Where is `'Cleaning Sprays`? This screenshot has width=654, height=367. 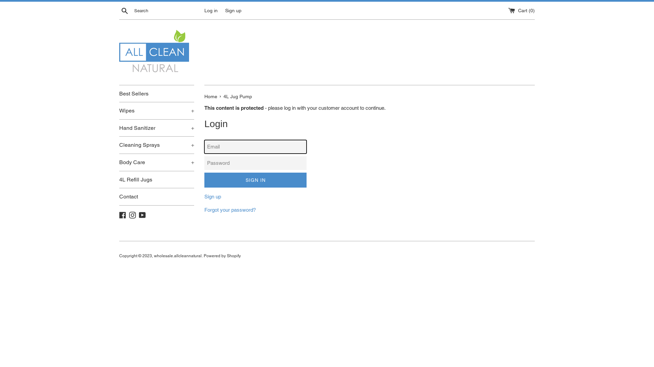
'Cleaning Sprays is located at coordinates (156, 145).